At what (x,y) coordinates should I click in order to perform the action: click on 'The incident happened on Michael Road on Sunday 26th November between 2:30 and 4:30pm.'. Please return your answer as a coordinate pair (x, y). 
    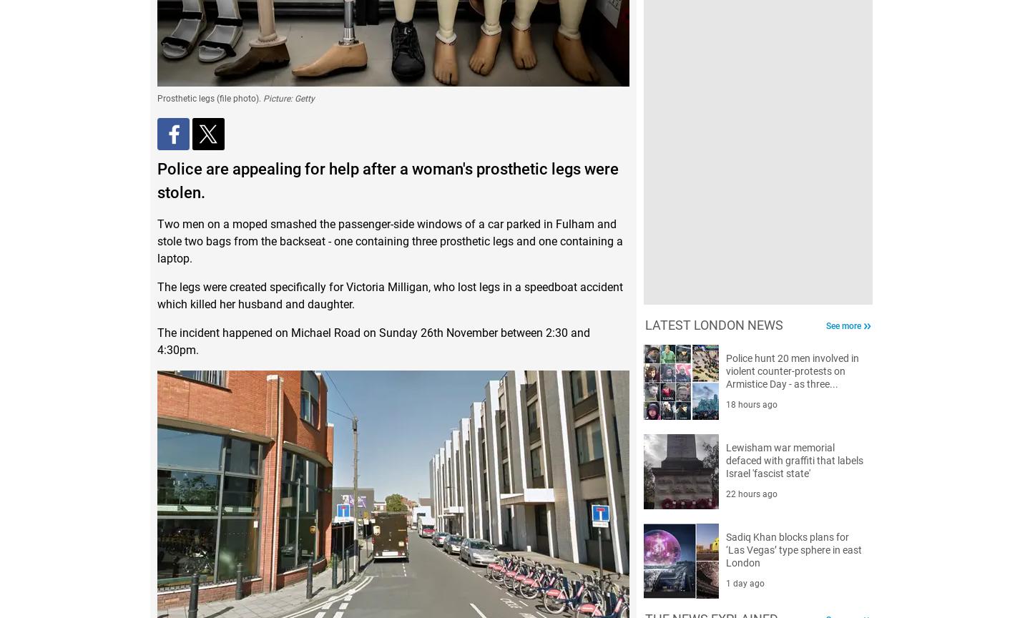
    Looking at the image, I should click on (373, 341).